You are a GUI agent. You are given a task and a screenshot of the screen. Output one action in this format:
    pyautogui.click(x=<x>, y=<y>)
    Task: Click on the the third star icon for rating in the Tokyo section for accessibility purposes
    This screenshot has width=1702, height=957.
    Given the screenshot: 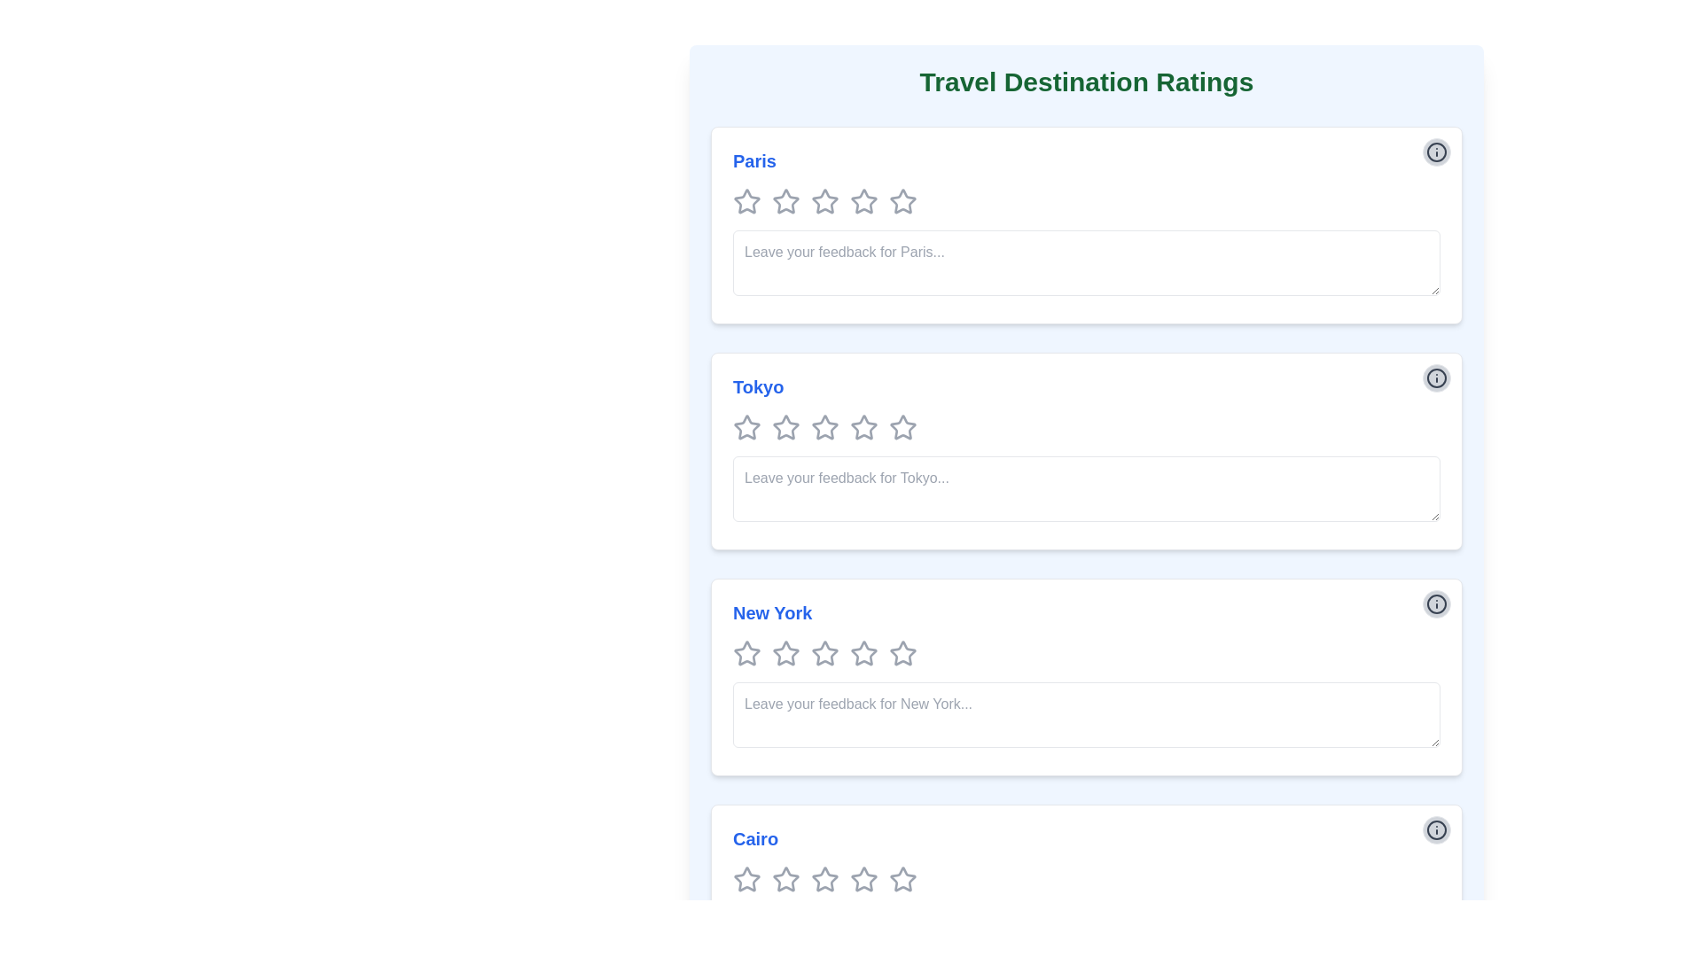 What is the action you would take?
    pyautogui.click(x=863, y=427)
    